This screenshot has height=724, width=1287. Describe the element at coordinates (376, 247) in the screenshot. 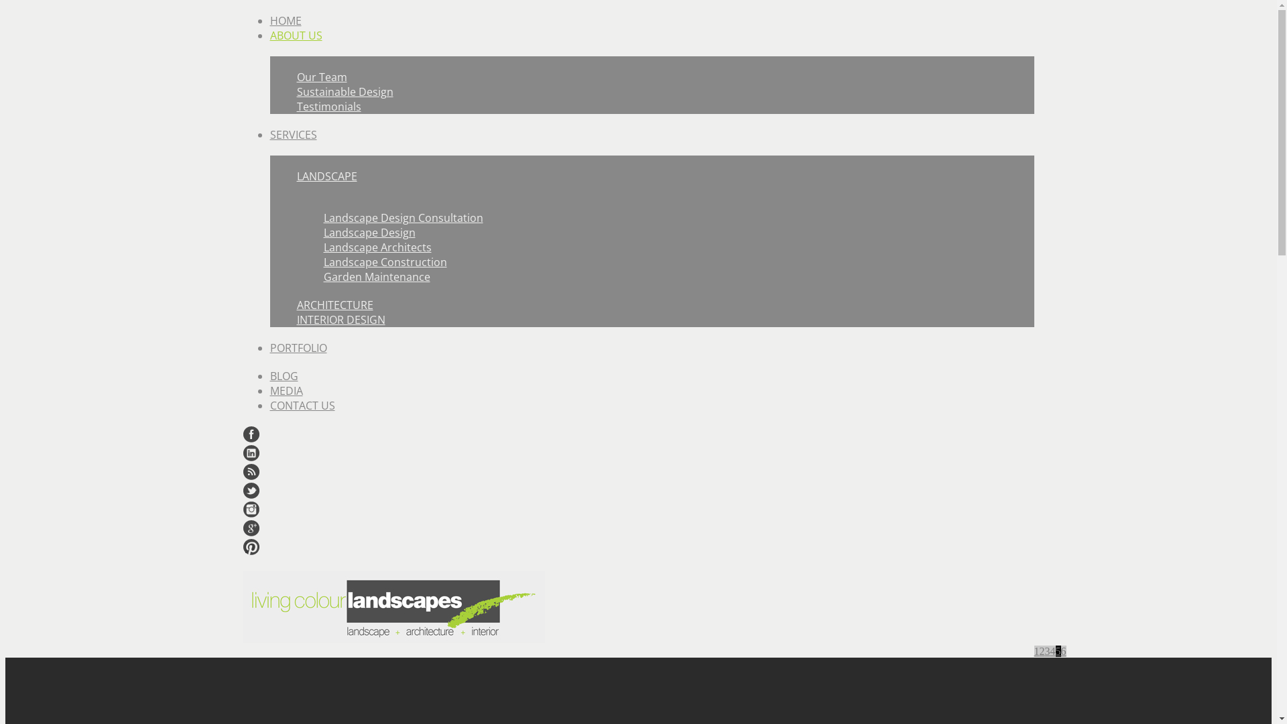

I see `'Landscape Architects'` at that location.